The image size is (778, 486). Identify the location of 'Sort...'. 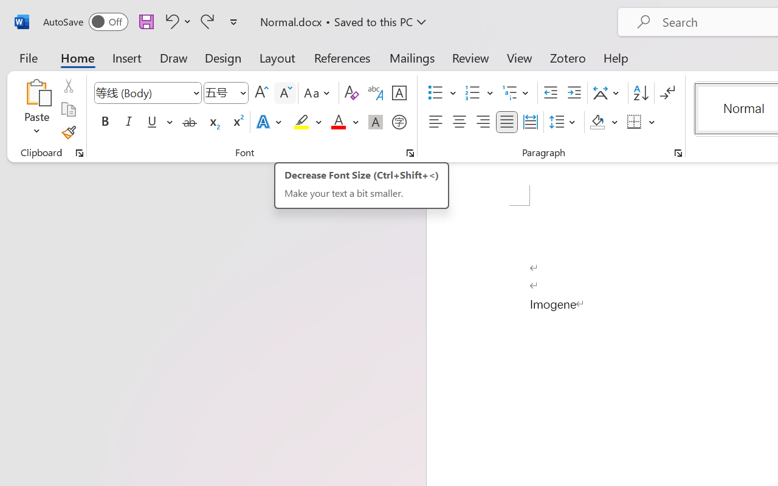
(640, 93).